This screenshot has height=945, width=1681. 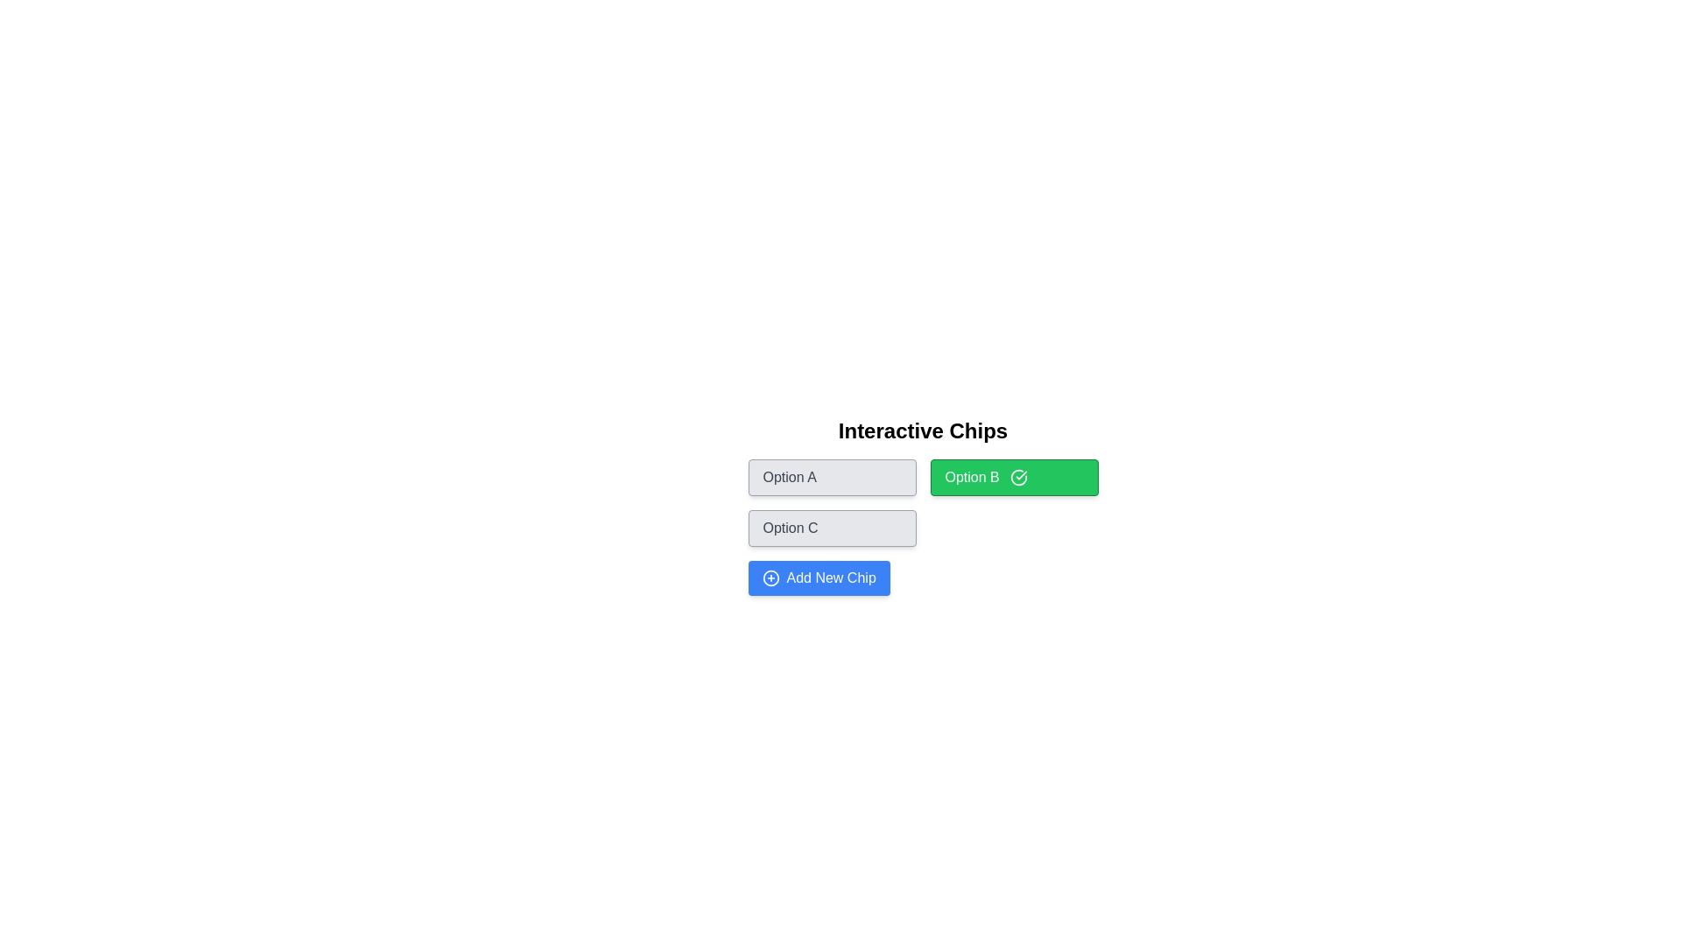 What do you see at coordinates (831, 528) in the screenshot?
I see `the chip labeled Option C` at bounding box center [831, 528].